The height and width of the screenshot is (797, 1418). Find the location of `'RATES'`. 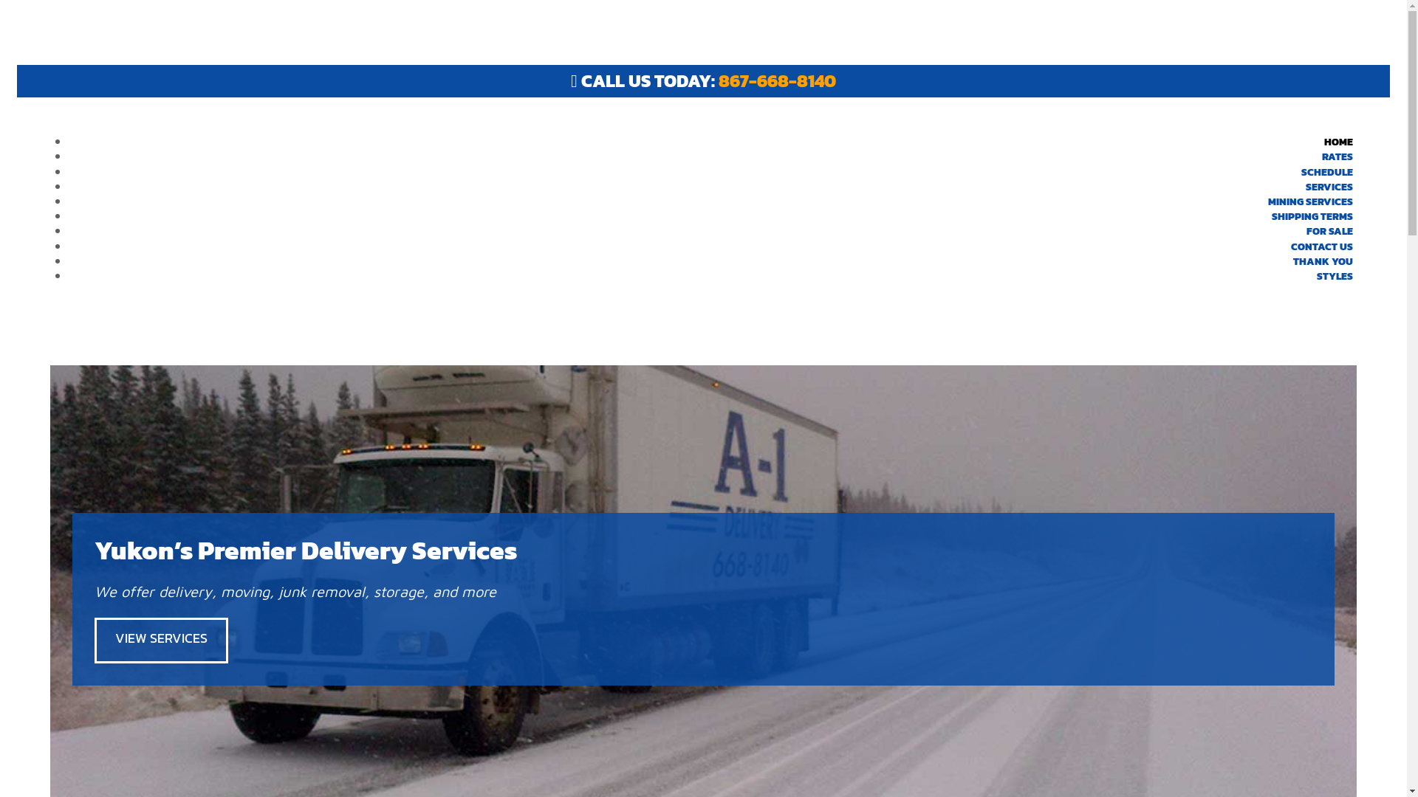

'RATES' is located at coordinates (1337, 156).